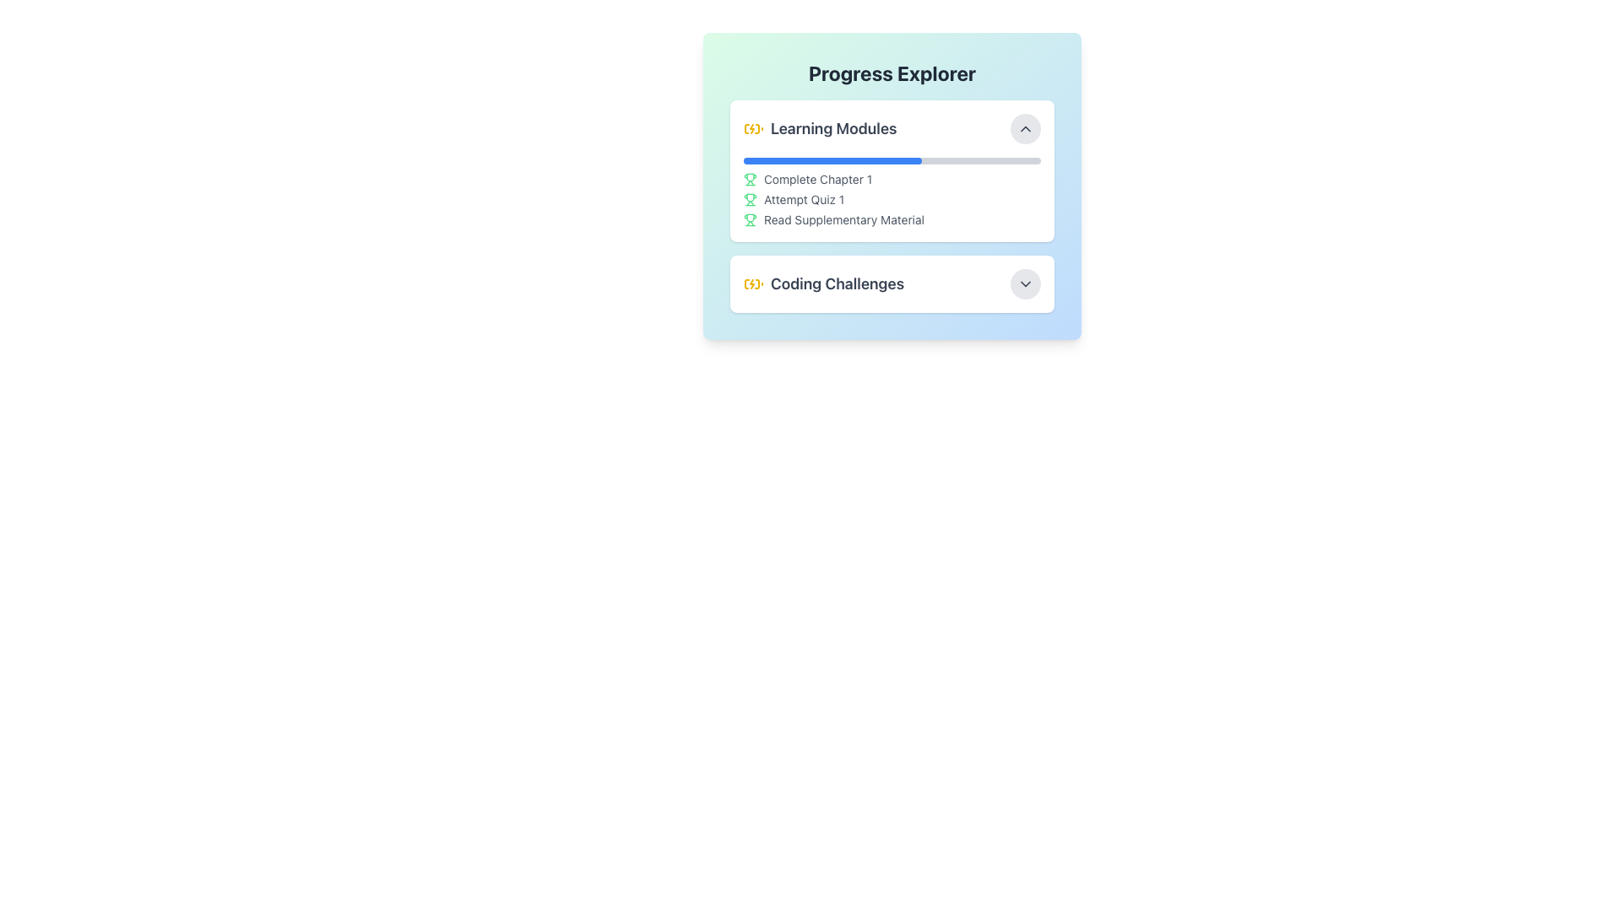  Describe the element at coordinates (891, 209) in the screenshot. I see `the 'Progress Explorer' dashboard text labels` at that location.